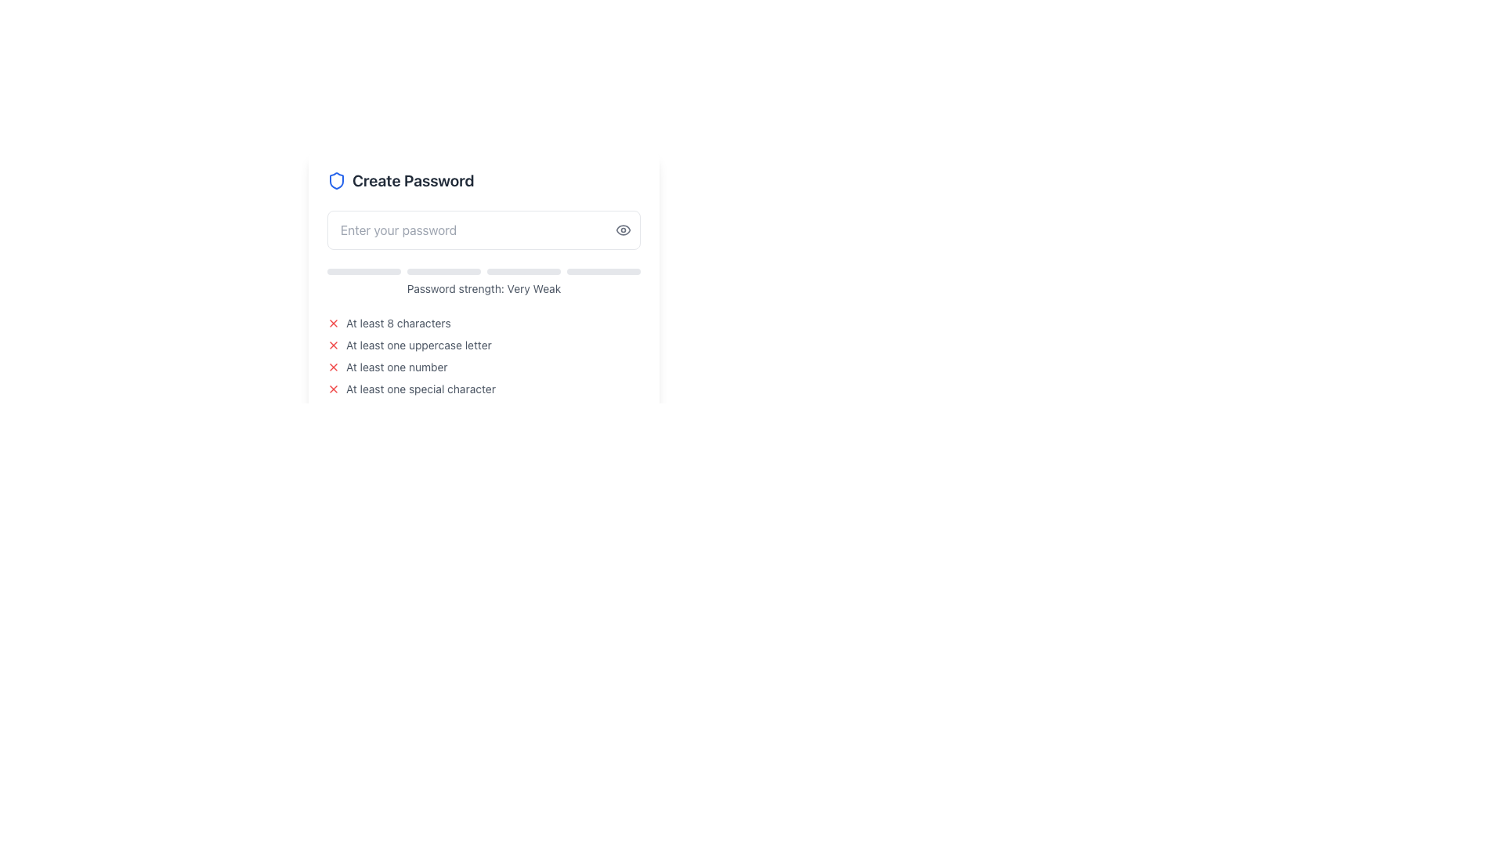 The height and width of the screenshot is (846, 1504). I want to click on the third text label indicating that at least one numerical character is required in the password, which is positioned between 'At least one uppercase letter' and 'At least one special character', so click(396, 367).